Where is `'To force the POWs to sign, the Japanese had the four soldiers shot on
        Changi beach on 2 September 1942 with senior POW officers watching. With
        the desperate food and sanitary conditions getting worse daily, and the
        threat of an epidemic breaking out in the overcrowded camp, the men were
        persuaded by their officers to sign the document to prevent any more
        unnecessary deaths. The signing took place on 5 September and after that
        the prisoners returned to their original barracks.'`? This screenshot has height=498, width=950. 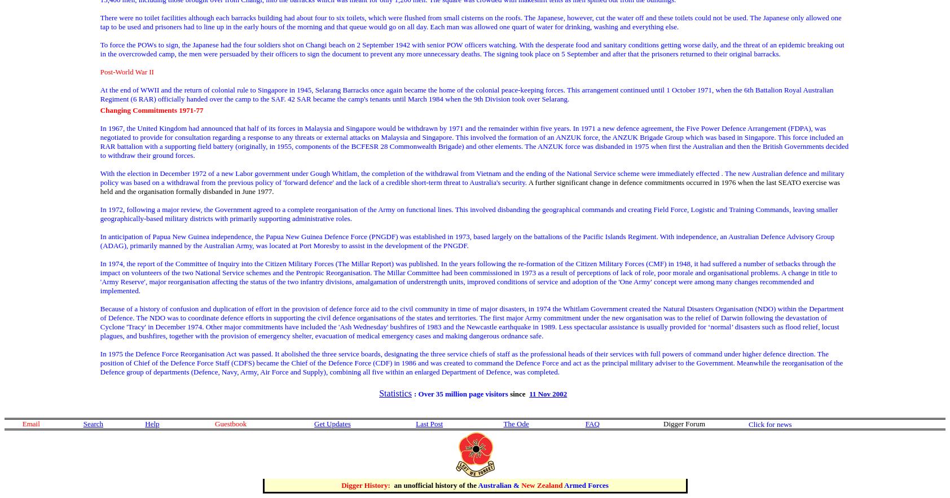
'To force the POWs to sign, the Japanese had the four soldiers shot on
        Changi beach on 2 September 1942 with senior POW officers watching. With
        the desperate food and sanitary conditions getting worse daily, and the
        threat of an epidemic breaking out in the overcrowded camp, the men were
        persuaded by their officers to sign the document to prevent any more
        unnecessary deaths. The signing took place on 5 September and after that
        the prisoners returned to their original barracks.' is located at coordinates (99, 49).